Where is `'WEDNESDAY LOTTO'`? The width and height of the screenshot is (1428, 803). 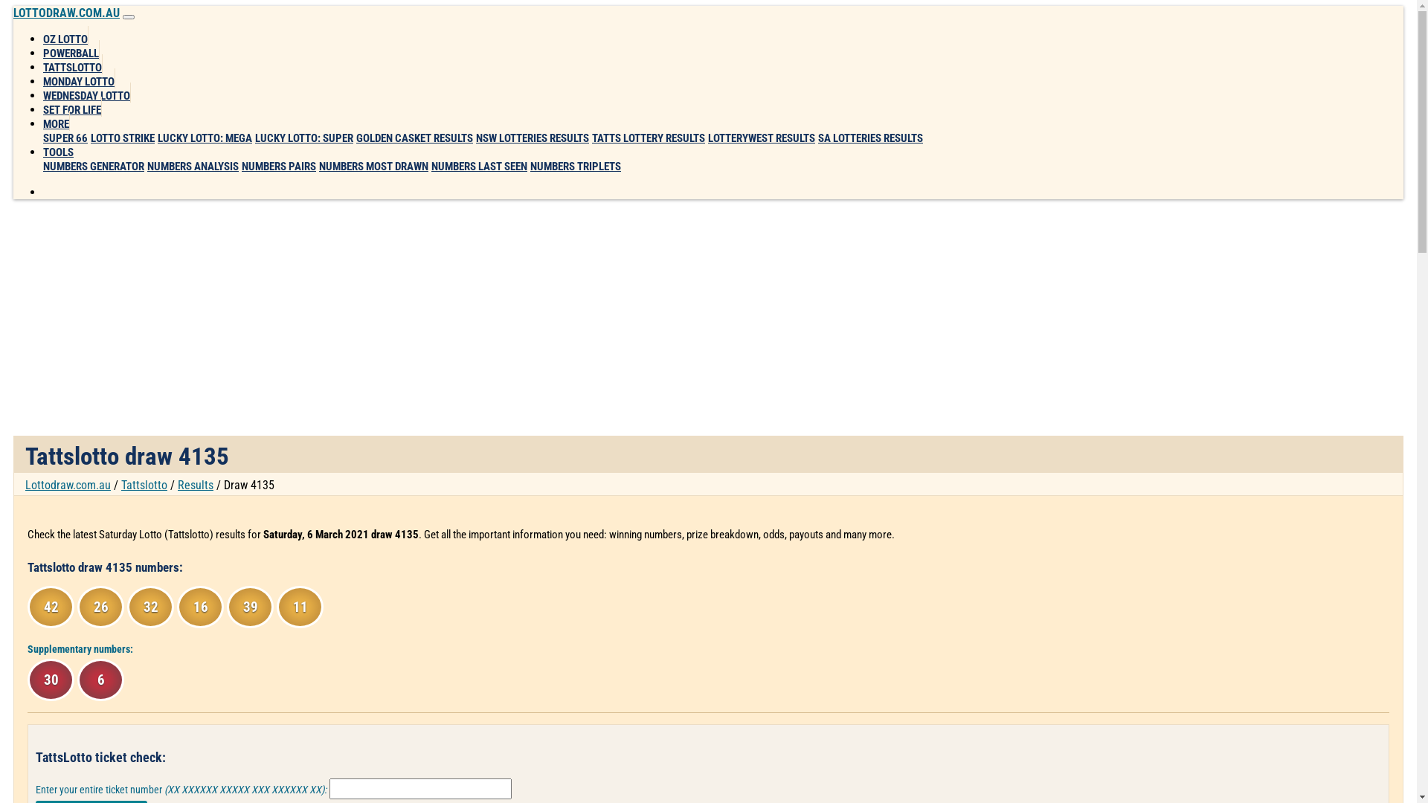
'WEDNESDAY LOTTO' is located at coordinates (86, 92).